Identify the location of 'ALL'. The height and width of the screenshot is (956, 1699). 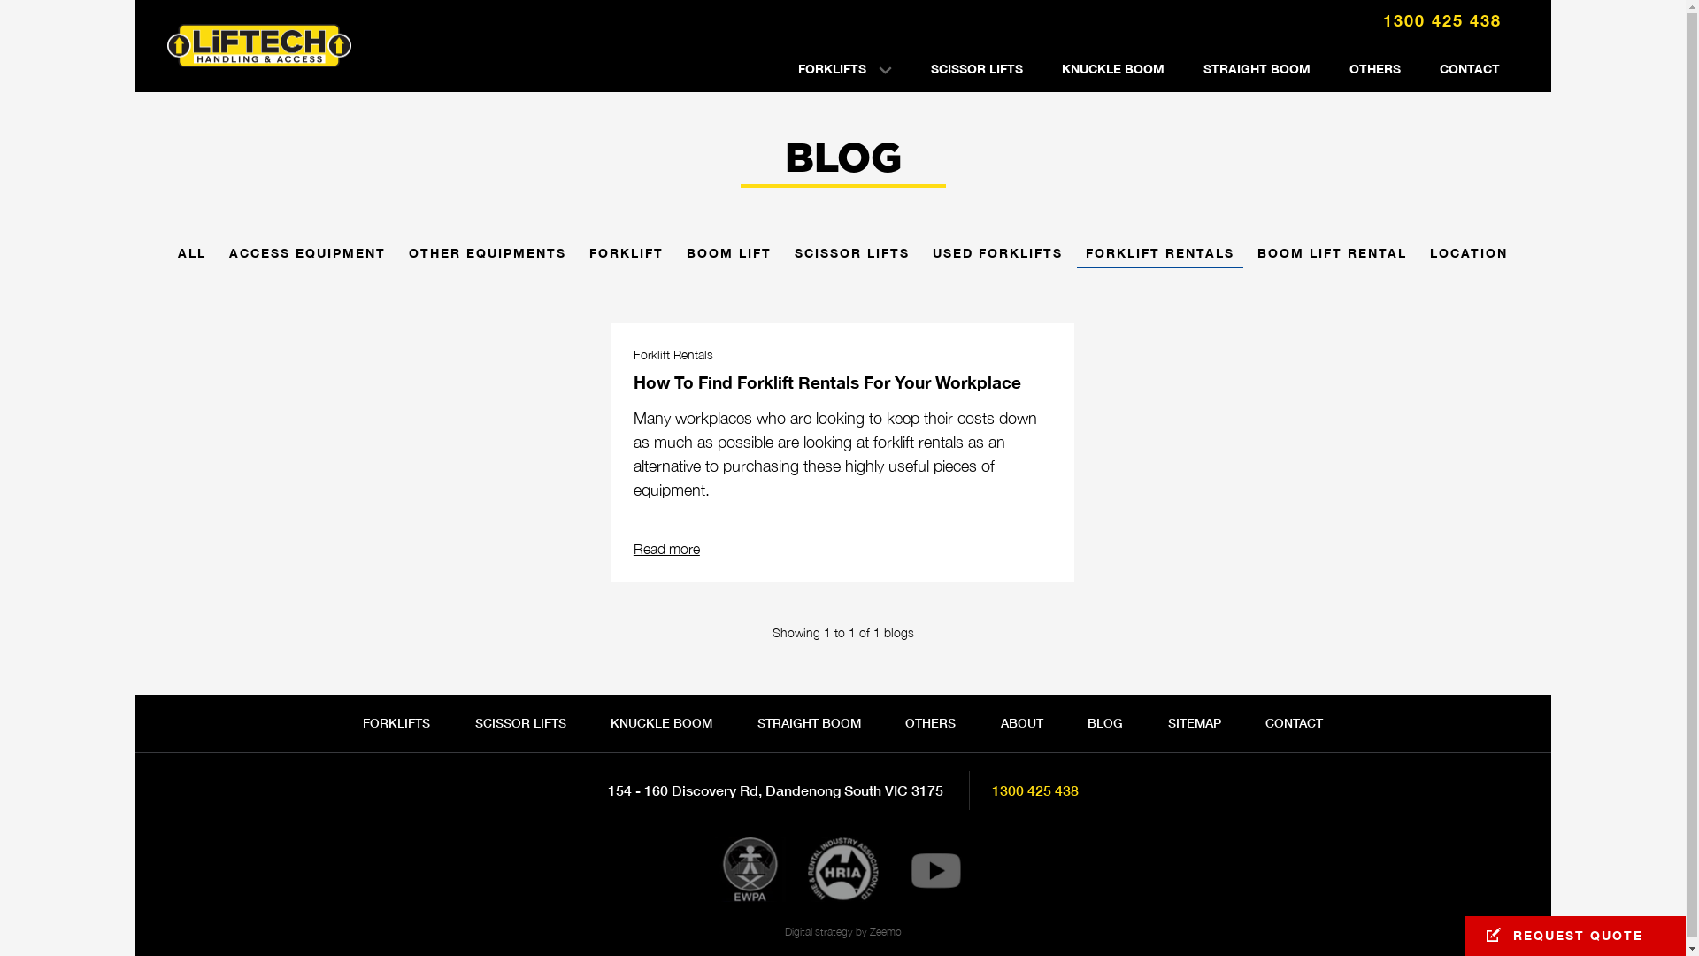
(169, 256).